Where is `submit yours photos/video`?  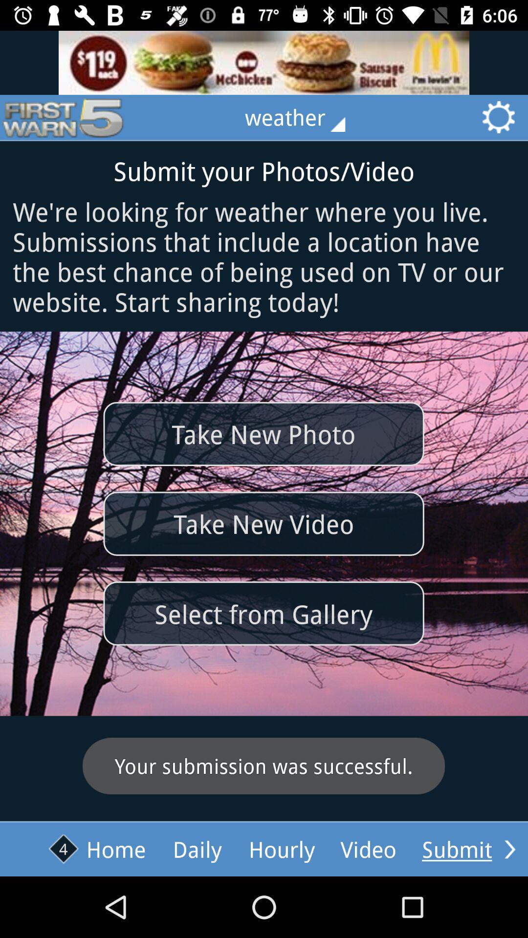 submit yours photos/video is located at coordinates (509, 849).